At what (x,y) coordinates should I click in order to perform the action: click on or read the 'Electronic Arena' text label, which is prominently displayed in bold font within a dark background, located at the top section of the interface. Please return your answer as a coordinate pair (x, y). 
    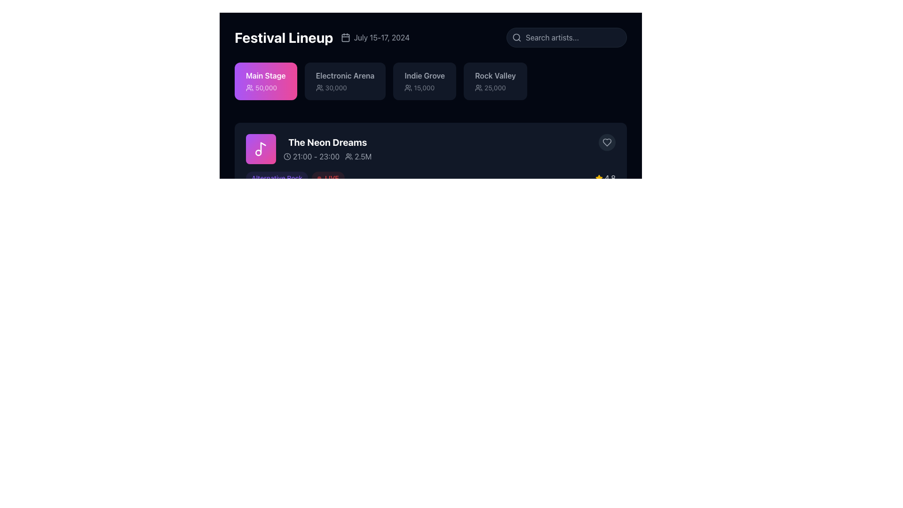
    Looking at the image, I should click on (345, 75).